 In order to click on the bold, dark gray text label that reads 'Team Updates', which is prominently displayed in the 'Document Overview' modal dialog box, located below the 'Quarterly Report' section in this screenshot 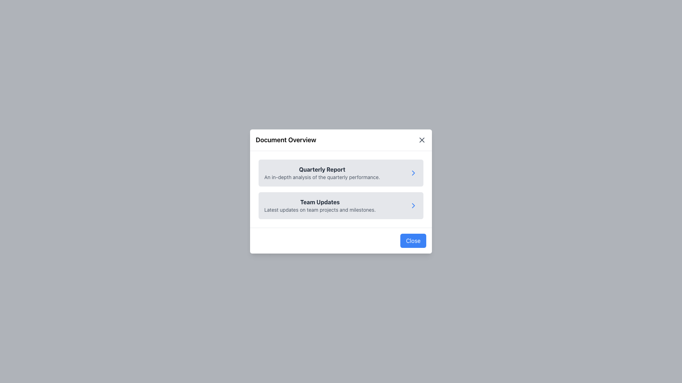, I will do `click(319, 202)`.